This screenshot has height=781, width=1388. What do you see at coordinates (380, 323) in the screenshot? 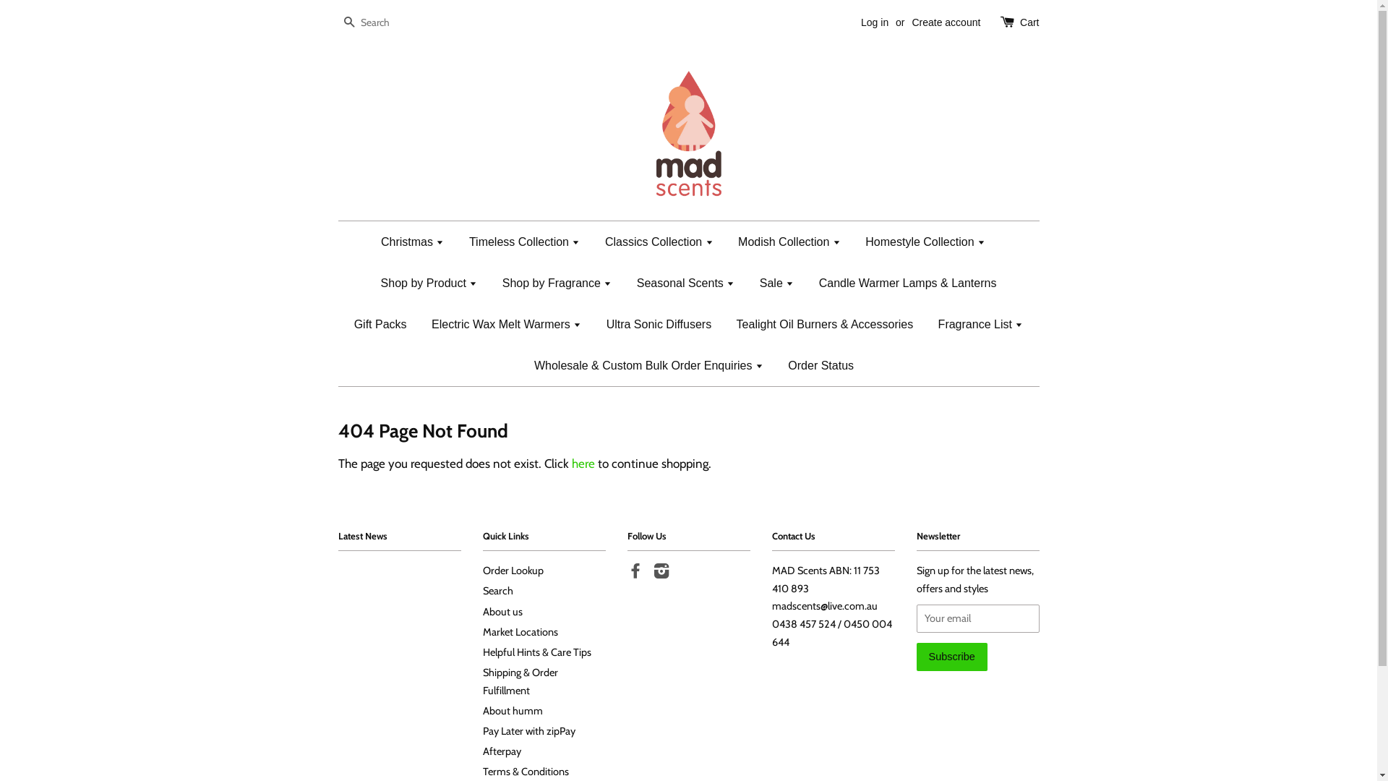
I see `'Gift Packs'` at bounding box center [380, 323].